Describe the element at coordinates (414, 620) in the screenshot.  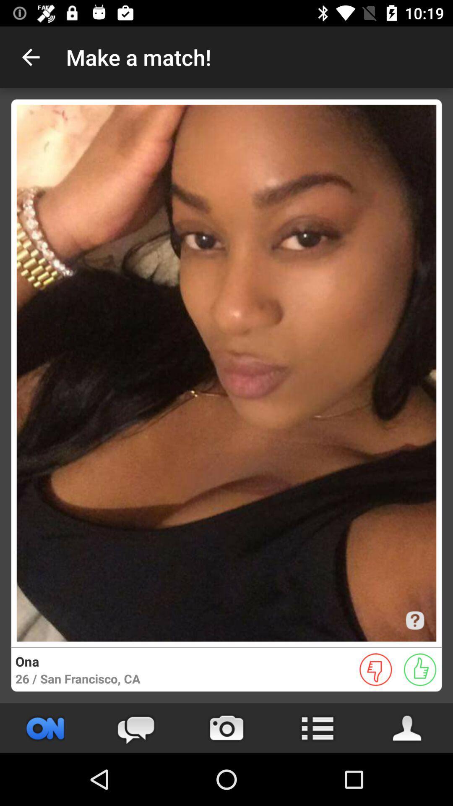
I see `the help icon` at that location.